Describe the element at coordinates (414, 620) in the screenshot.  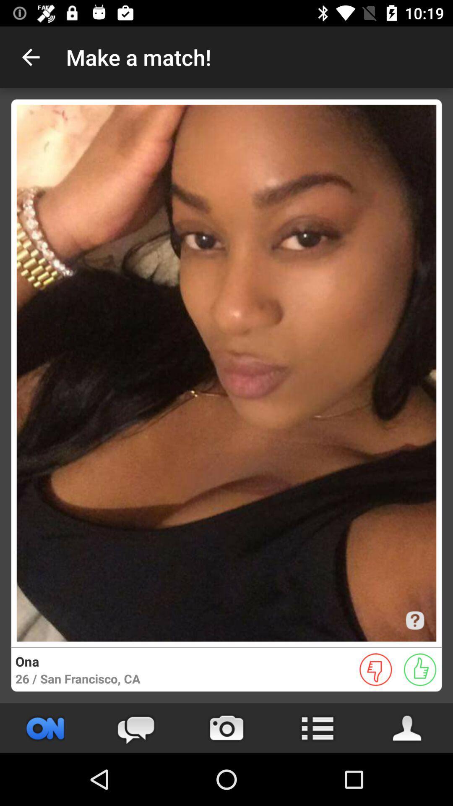
I see `the help icon` at that location.